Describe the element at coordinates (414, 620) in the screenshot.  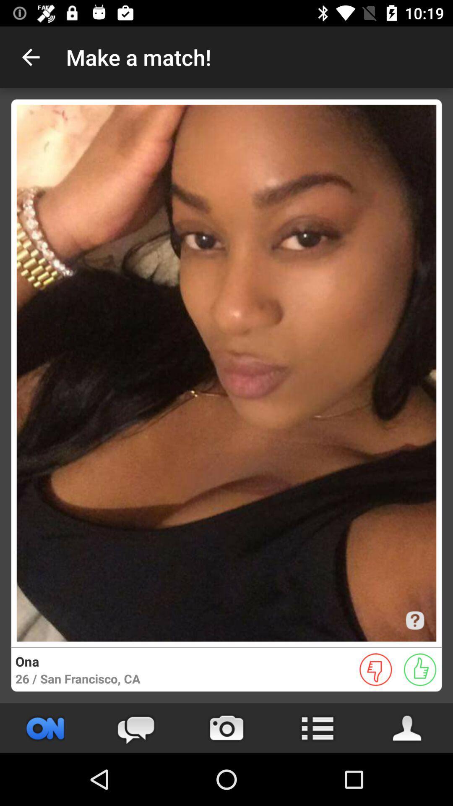
I see `the help icon` at that location.